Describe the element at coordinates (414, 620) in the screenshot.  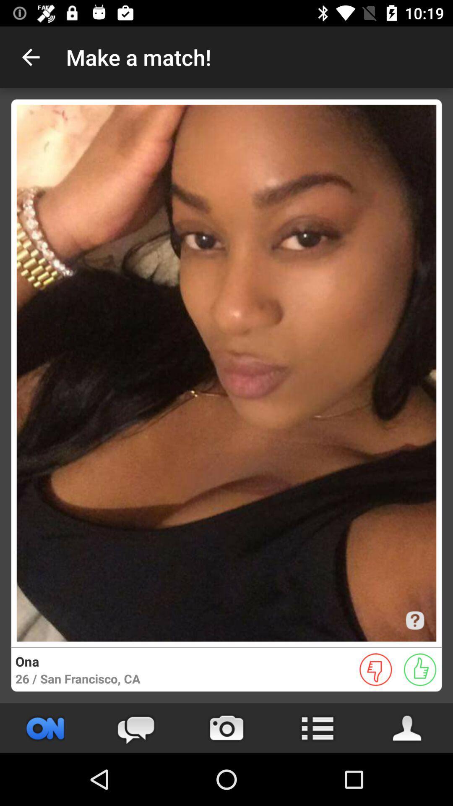
I see `the help icon` at that location.